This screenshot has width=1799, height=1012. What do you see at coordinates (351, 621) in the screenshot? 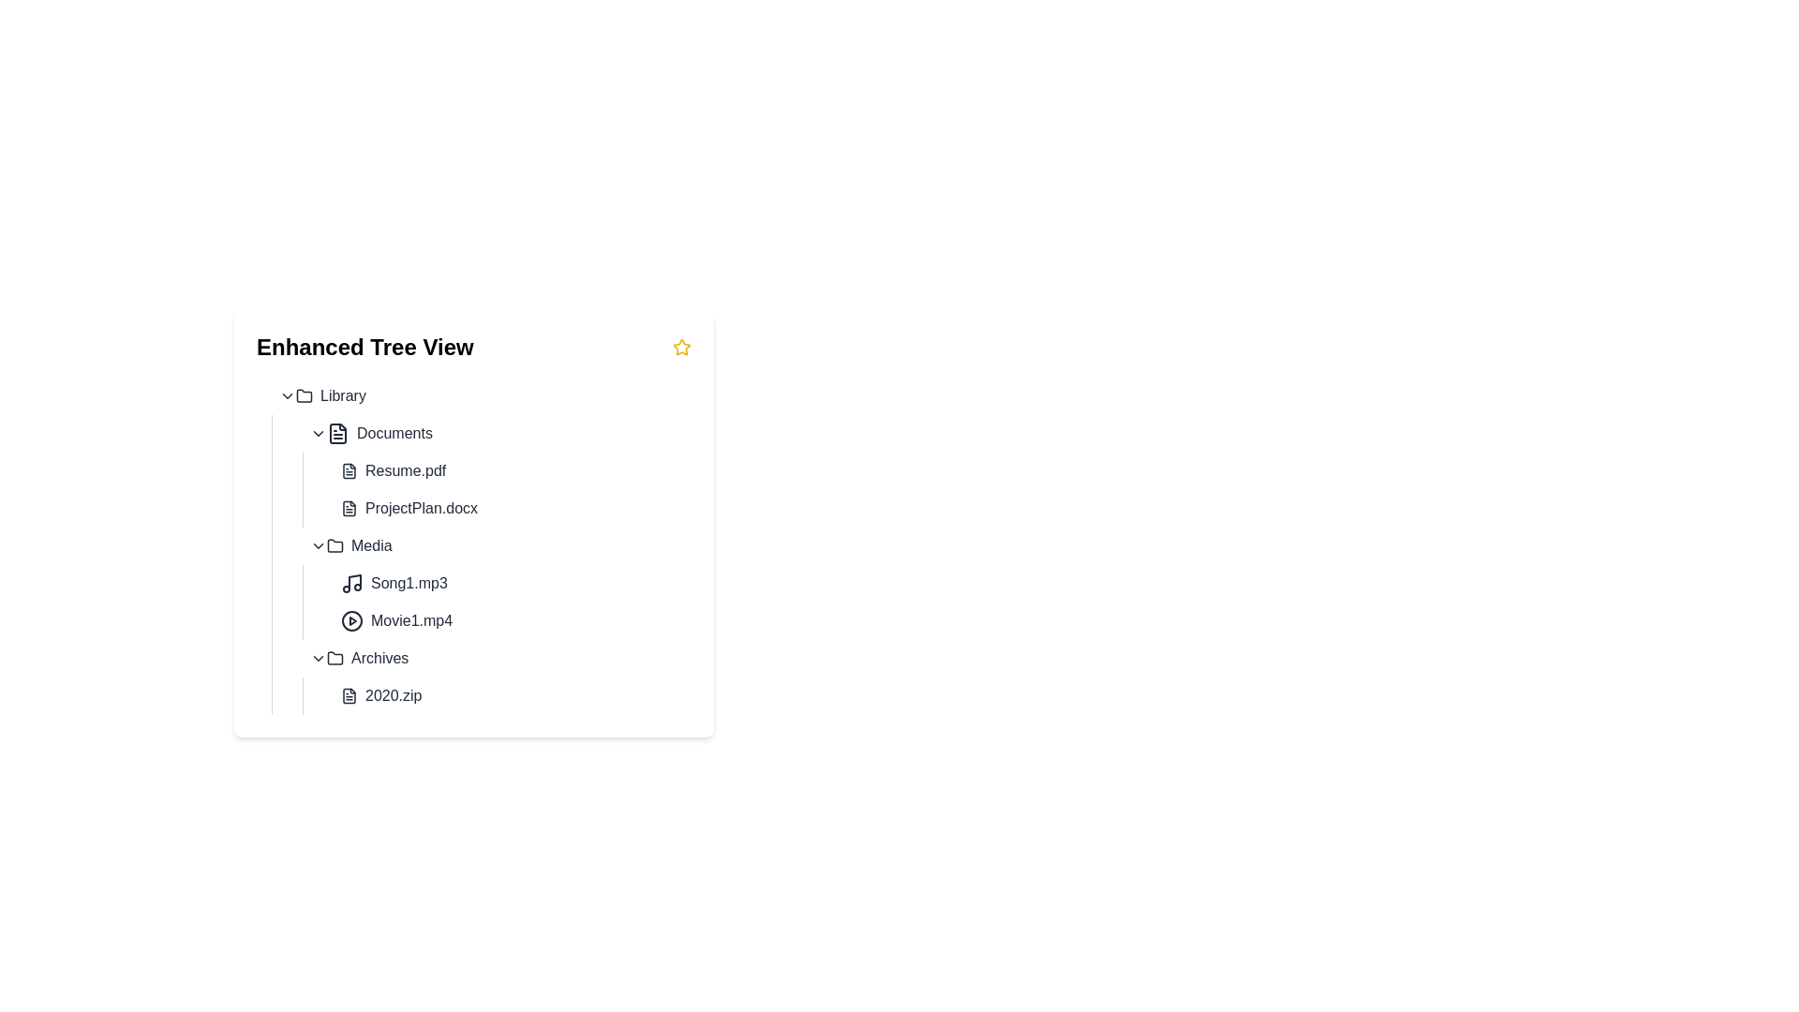
I see `the play button located to the immediate left of the text label 'Movie1.mp4' to play or preview the media file` at bounding box center [351, 621].